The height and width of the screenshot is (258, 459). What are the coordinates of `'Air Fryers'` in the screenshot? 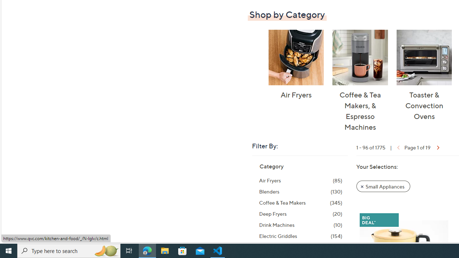 It's located at (296, 57).